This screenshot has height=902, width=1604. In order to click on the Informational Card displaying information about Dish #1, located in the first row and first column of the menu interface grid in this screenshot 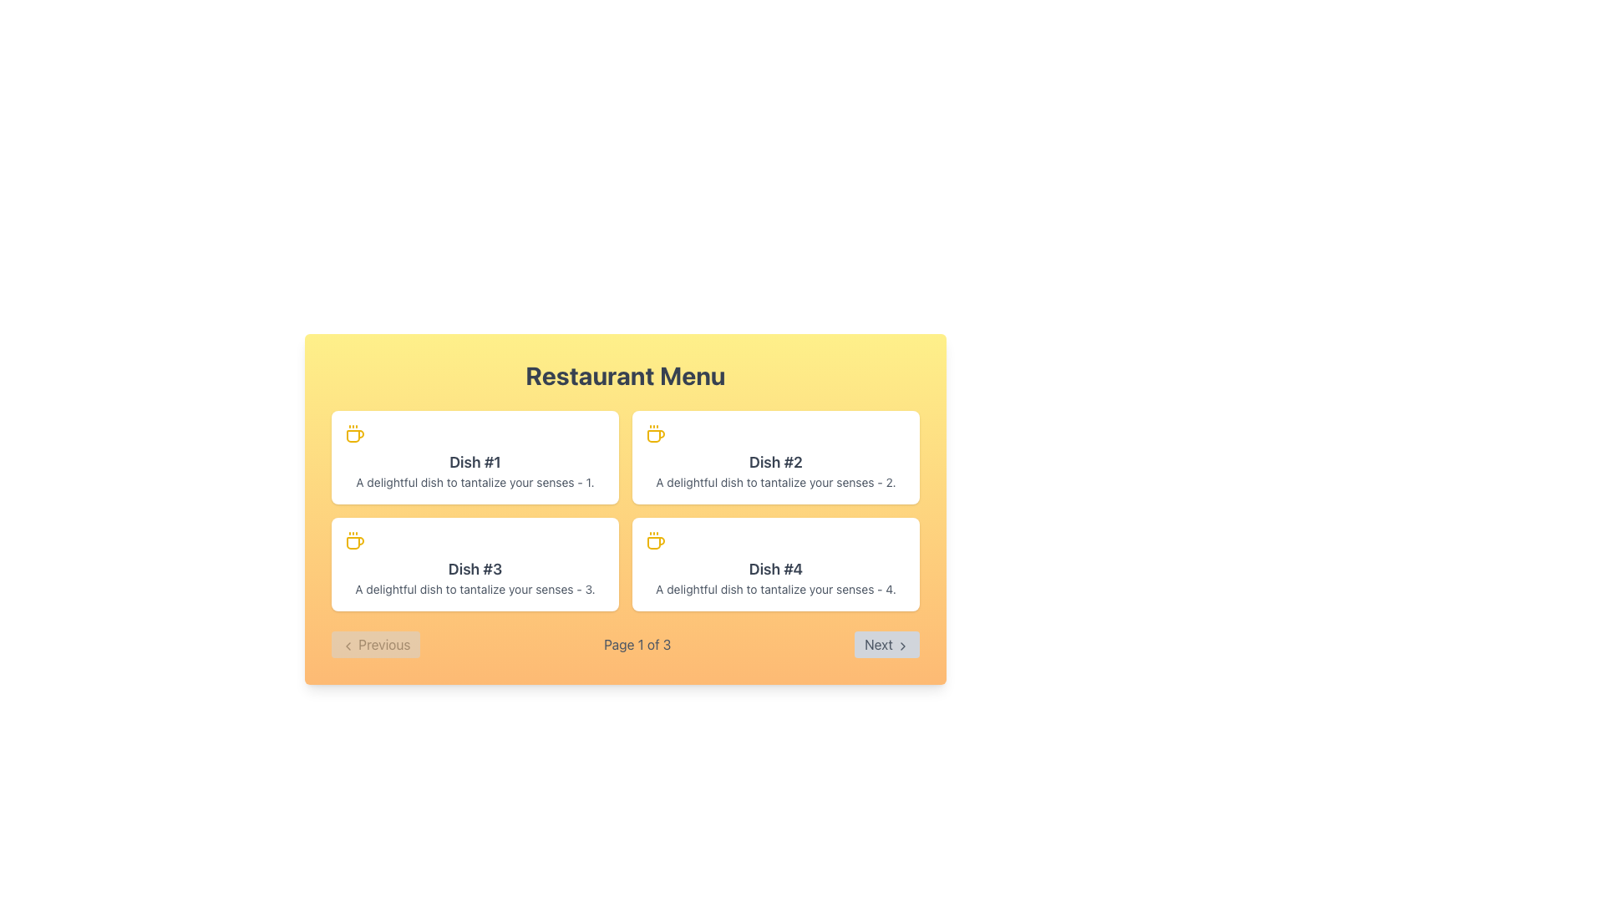, I will do `click(475, 457)`.